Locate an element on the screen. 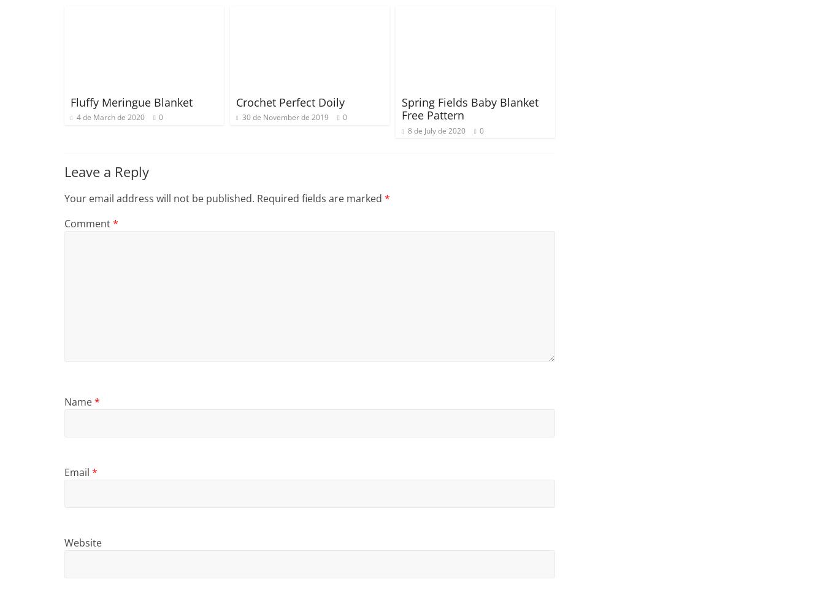 The width and height of the screenshot is (828, 590). 'Comment' is located at coordinates (88, 222).